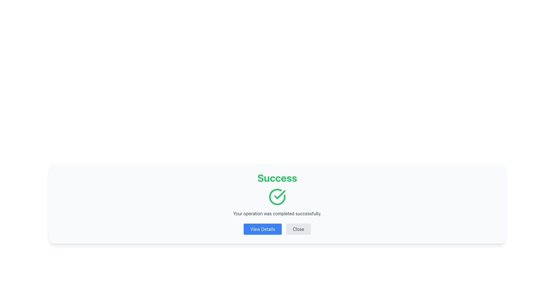 This screenshot has height=300, width=534. I want to click on the green checkmark icon inside the circular outline, which serves as a confirmation indicator located near the top-middle of the interface, so click(280, 194).